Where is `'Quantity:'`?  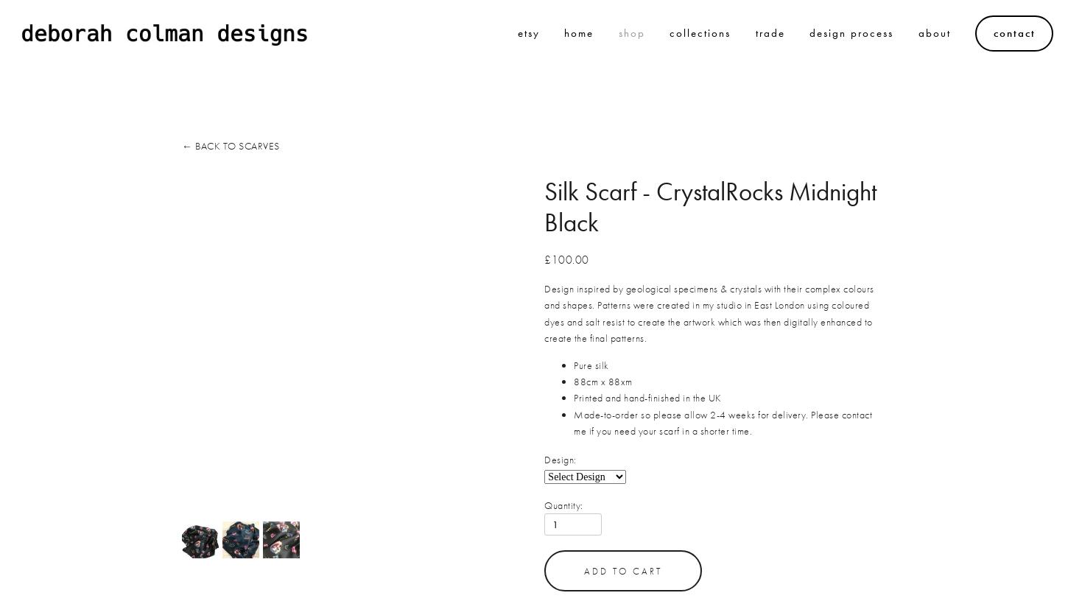 'Quantity:' is located at coordinates (563, 505).